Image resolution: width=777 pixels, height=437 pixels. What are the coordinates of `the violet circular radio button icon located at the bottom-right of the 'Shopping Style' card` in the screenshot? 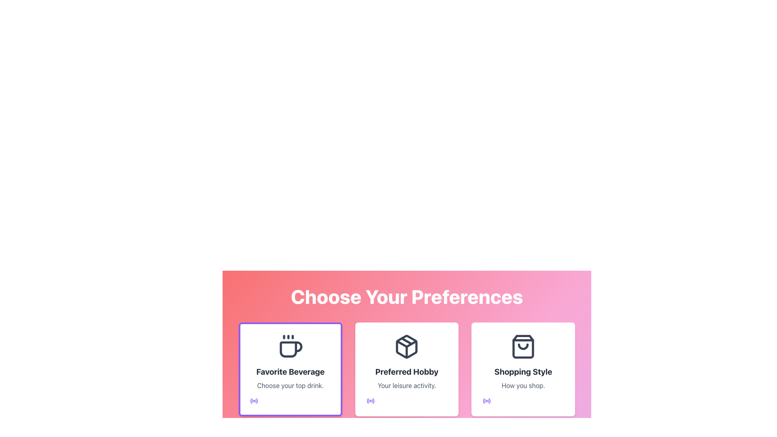 It's located at (486, 401).